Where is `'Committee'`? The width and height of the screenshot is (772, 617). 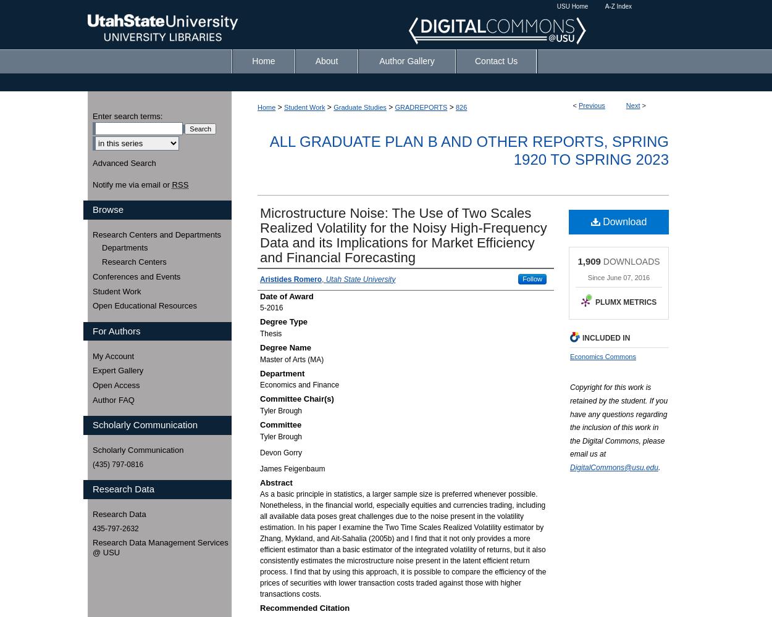
'Committee' is located at coordinates (280, 424).